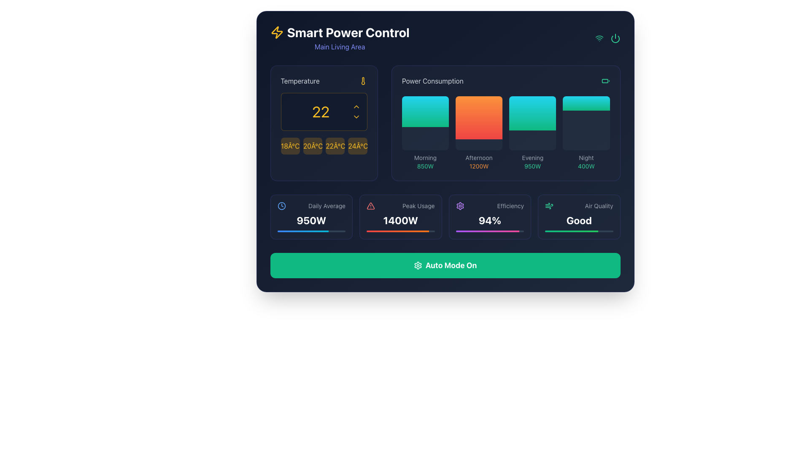 The height and width of the screenshot is (456, 810). Describe the element at coordinates (358, 146) in the screenshot. I see `the rectangular button displaying '24°C' in bold amber-colored text` at that location.